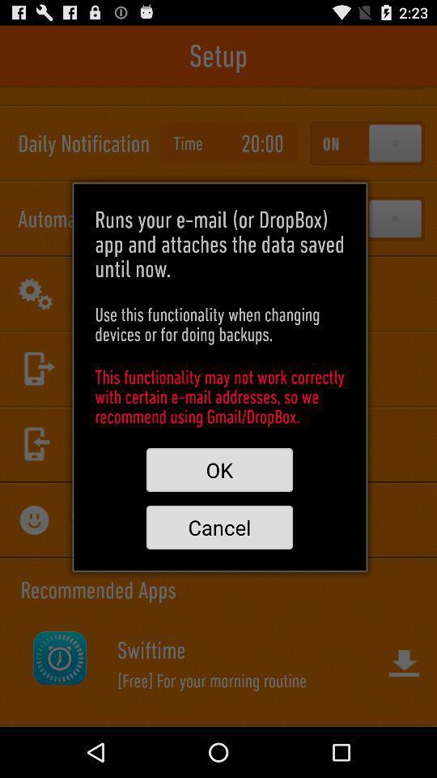 The width and height of the screenshot is (437, 778). Describe the element at coordinates (218, 470) in the screenshot. I see `ok button` at that location.